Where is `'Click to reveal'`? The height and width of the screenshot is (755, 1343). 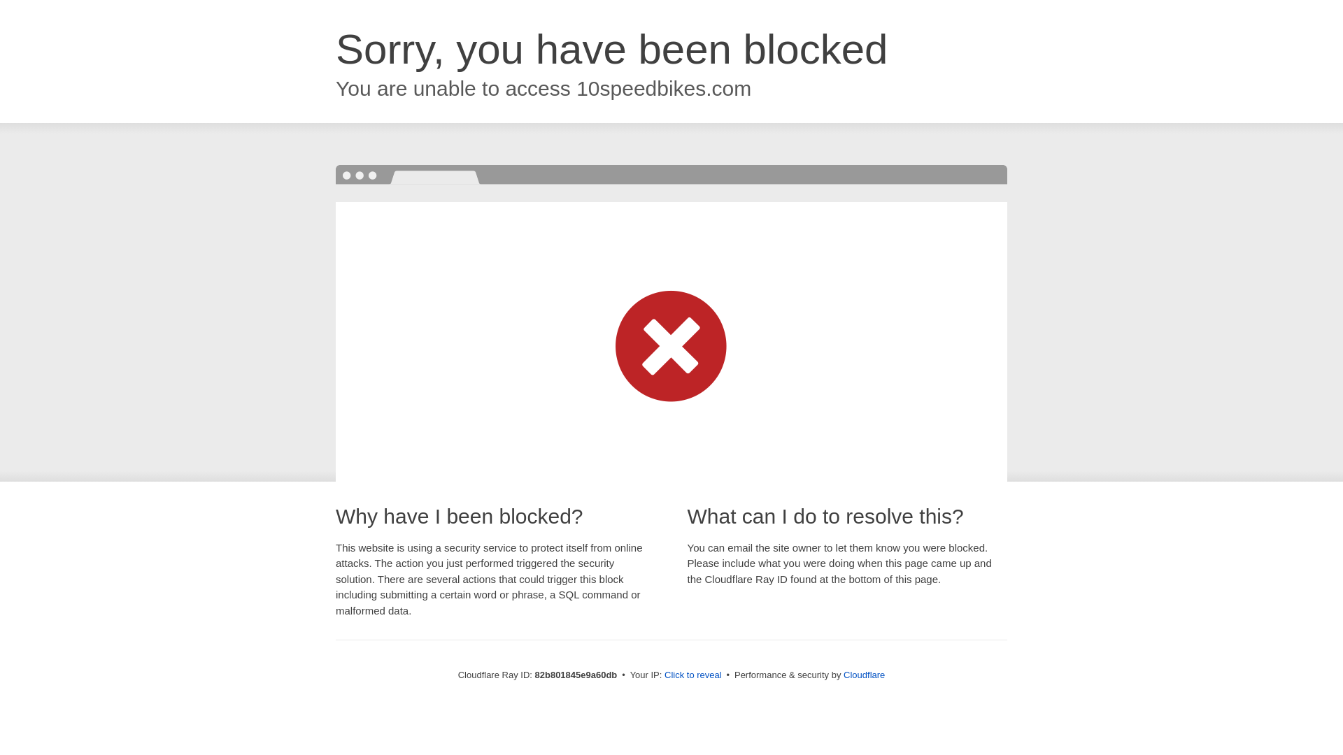
'Click to reveal' is located at coordinates (692, 674).